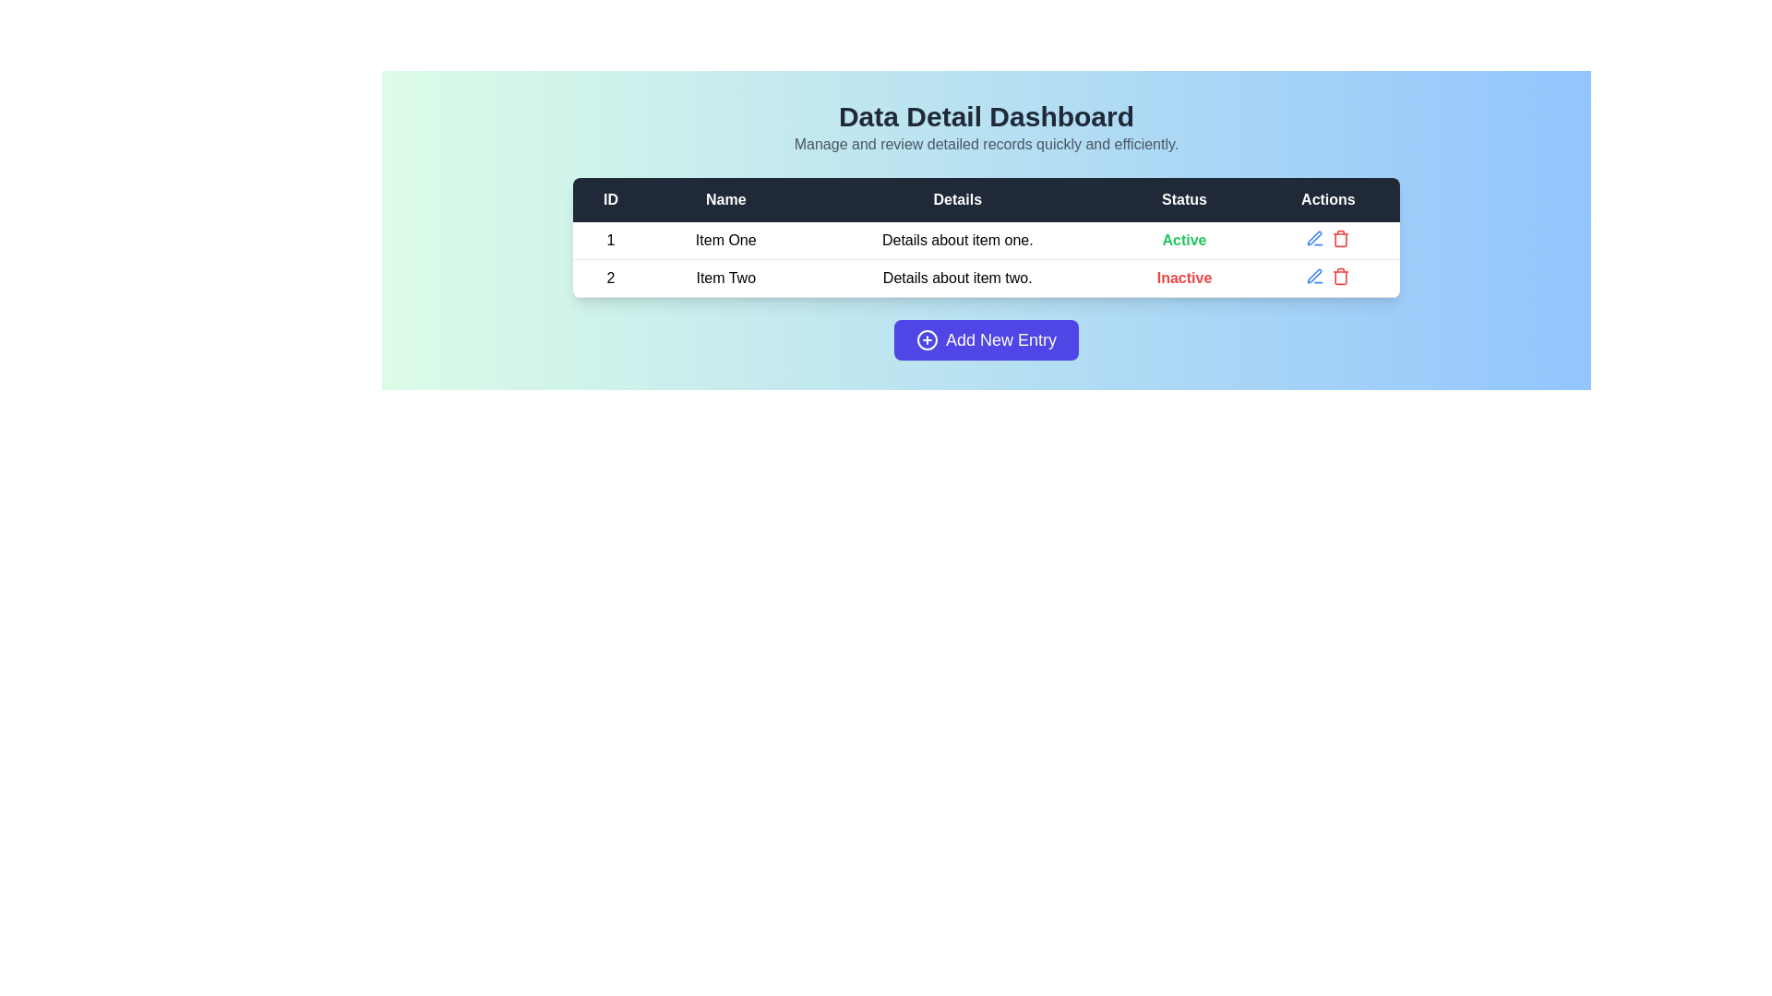  I want to click on the red trash bin icon in the 'Actions' column of the data table, so click(1341, 237).